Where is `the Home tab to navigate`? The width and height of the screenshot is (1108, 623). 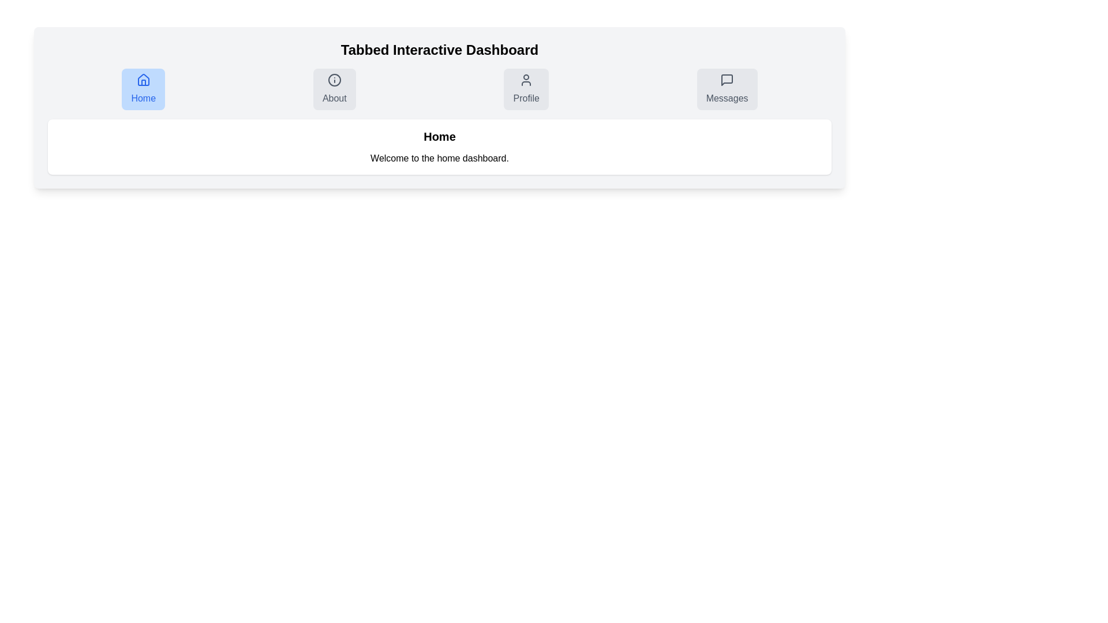
the Home tab to navigate is located at coordinates (143, 88).